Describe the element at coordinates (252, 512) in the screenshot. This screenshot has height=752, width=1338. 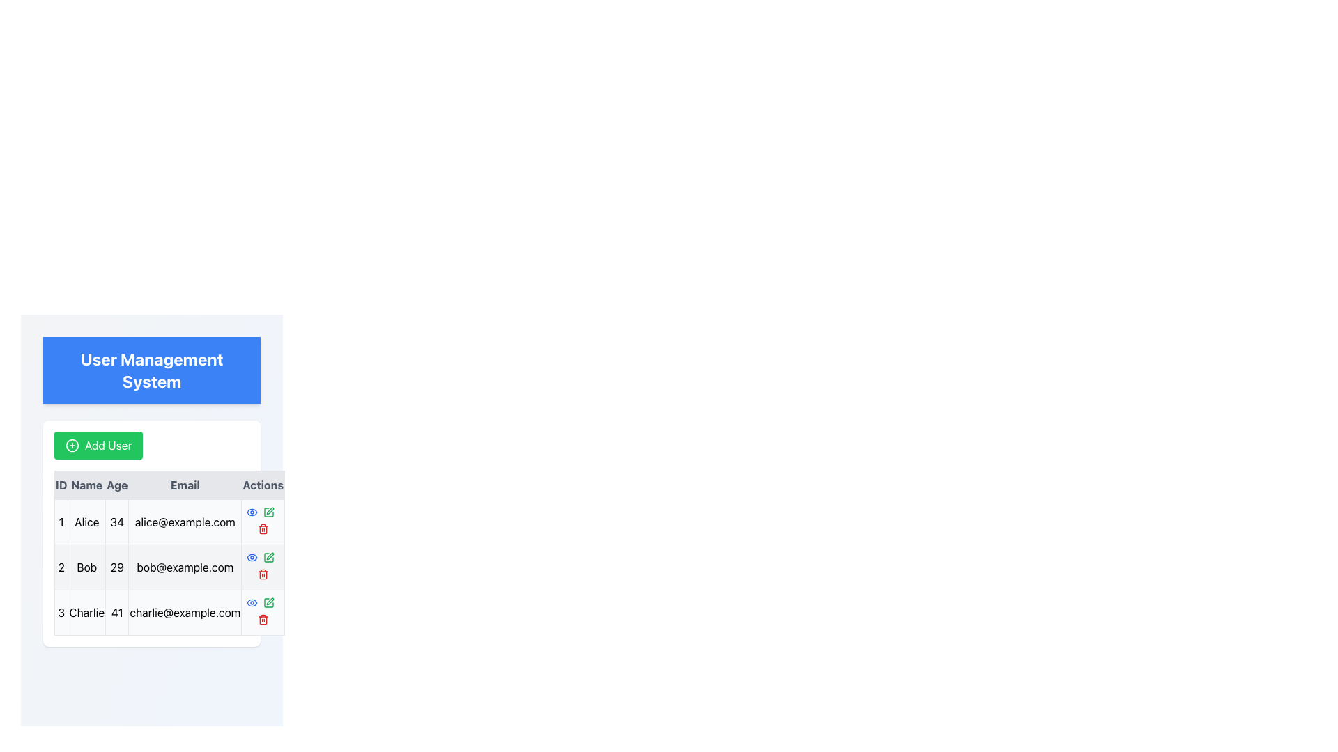
I see `the 'view' icon in the Actions column for the second row corresponding to the entry for 'Bob'` at that location.